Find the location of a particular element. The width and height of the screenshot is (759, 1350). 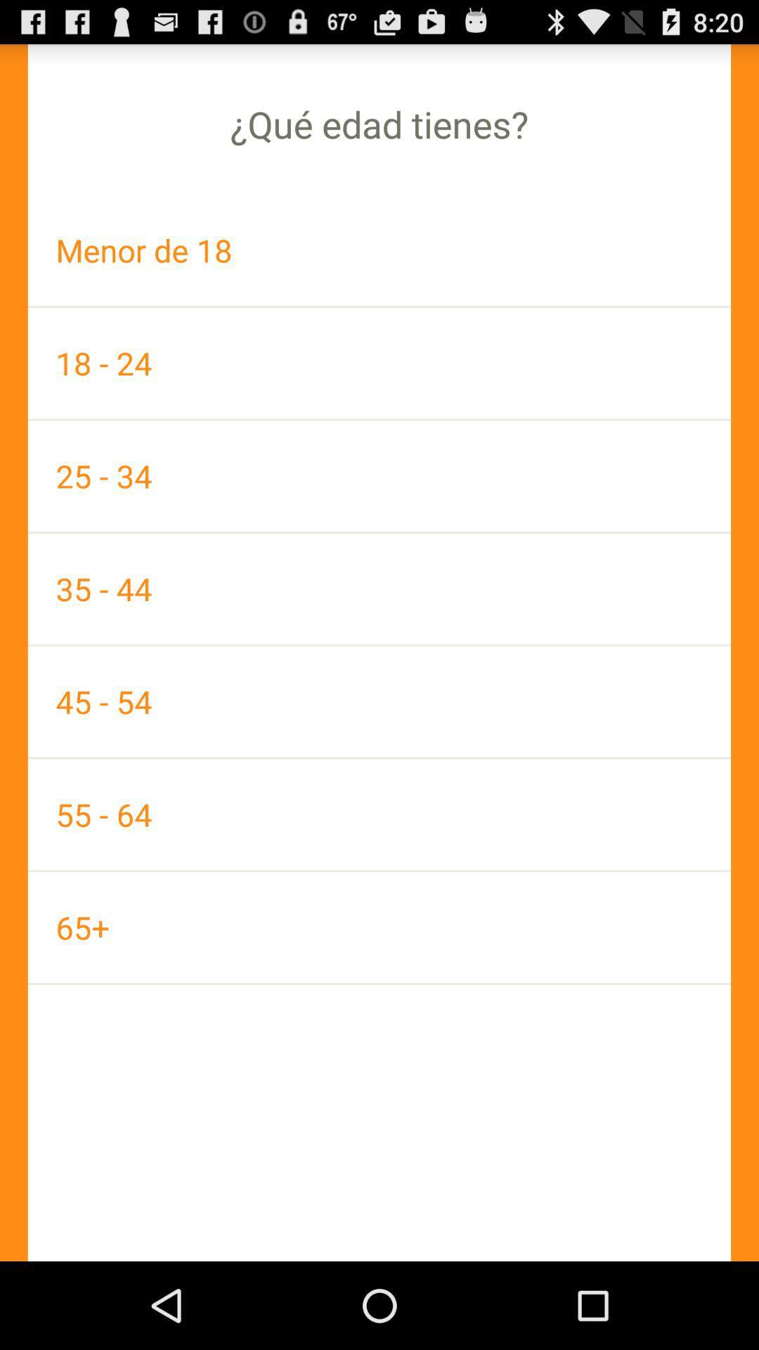

app below the 25 - 34 item is located at coordinates (379, 589).